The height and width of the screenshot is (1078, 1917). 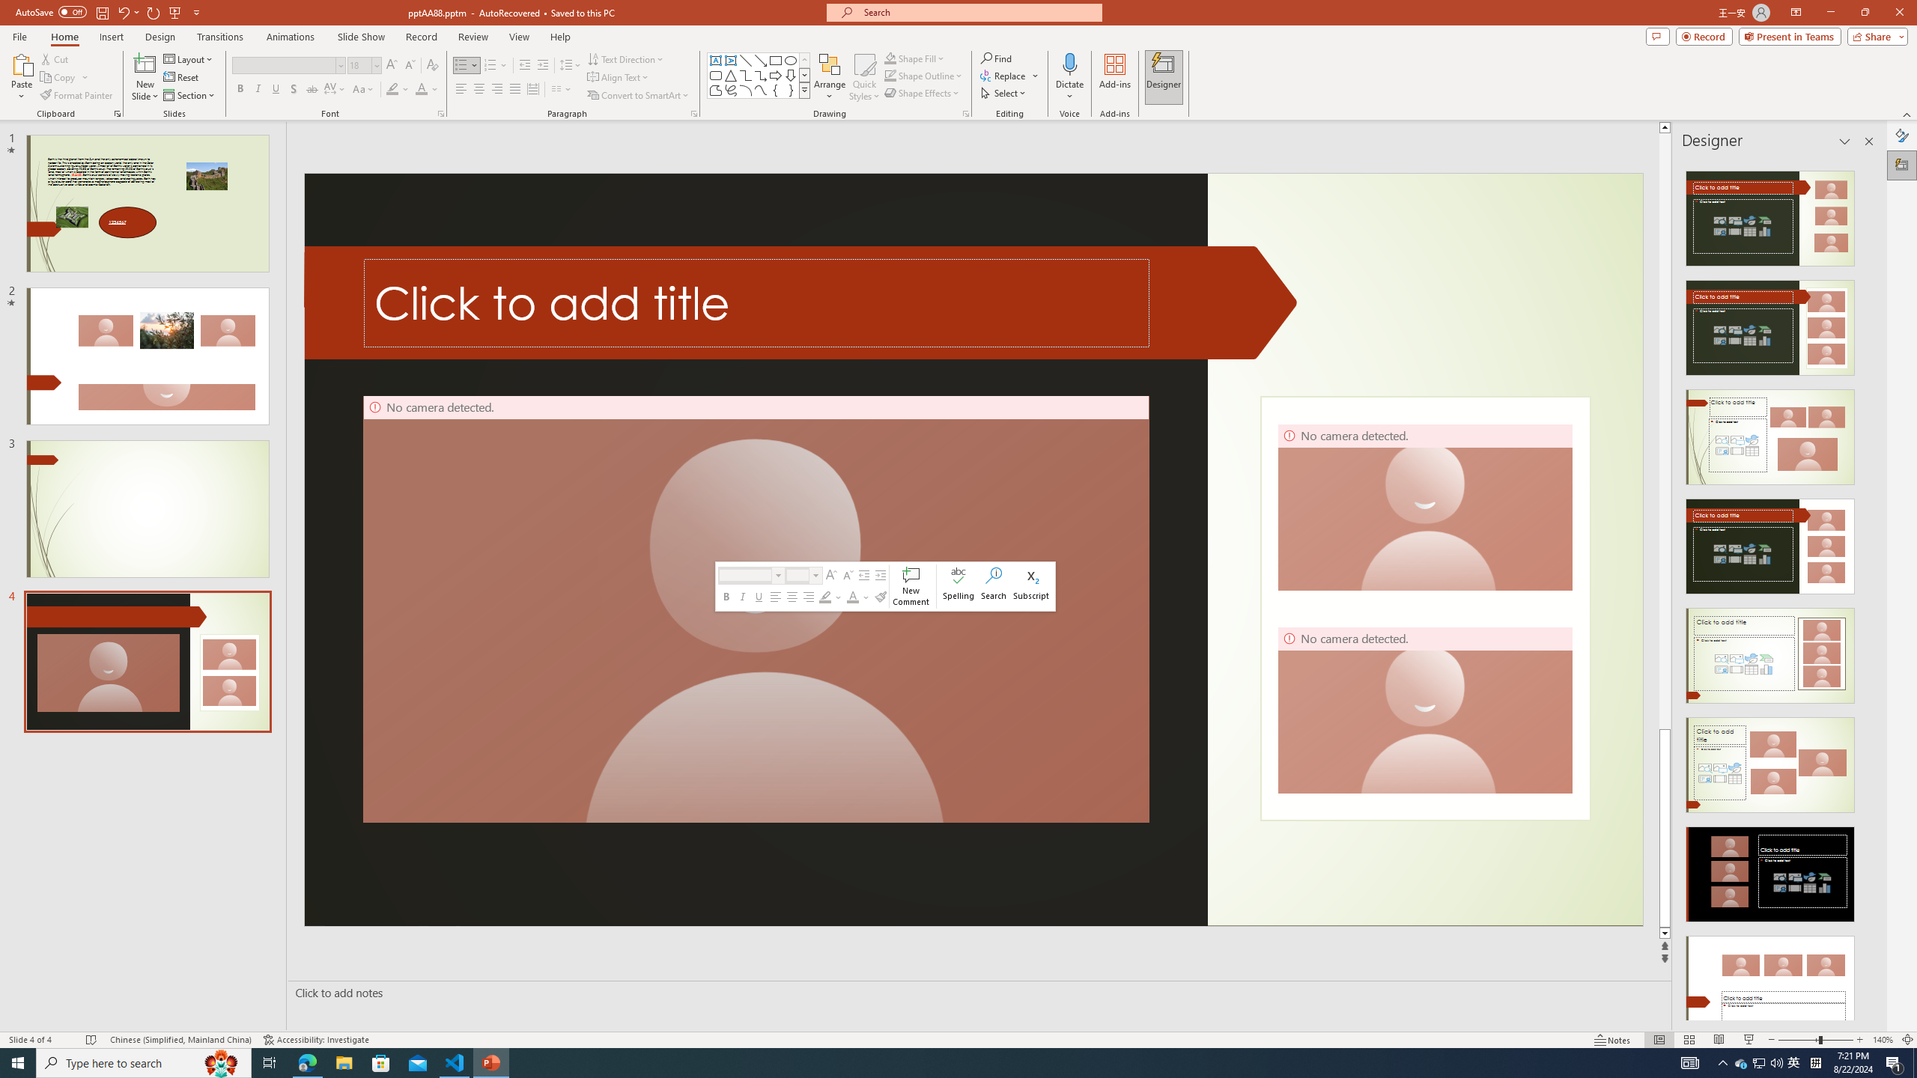 What do you see at coordinates (638, 95) in the screenshot?
I see `'Convert to SmartArt'` at bounding box center [638, 95].